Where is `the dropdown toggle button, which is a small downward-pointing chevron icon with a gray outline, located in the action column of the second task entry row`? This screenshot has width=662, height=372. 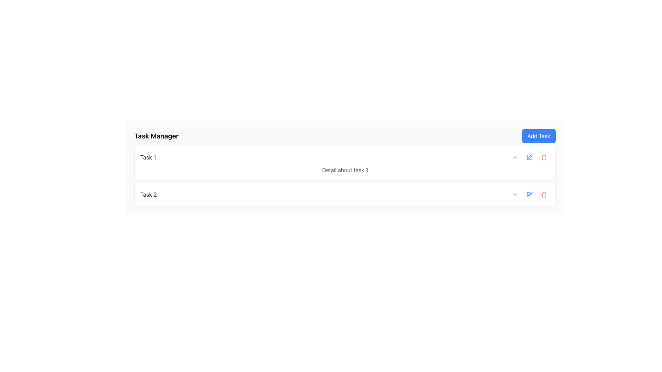 the dropdown toggle button, which is a small downward-pointing chevron icon with a gray outline, located in the action column of the second task entry row is located at coordinates (515, 194).